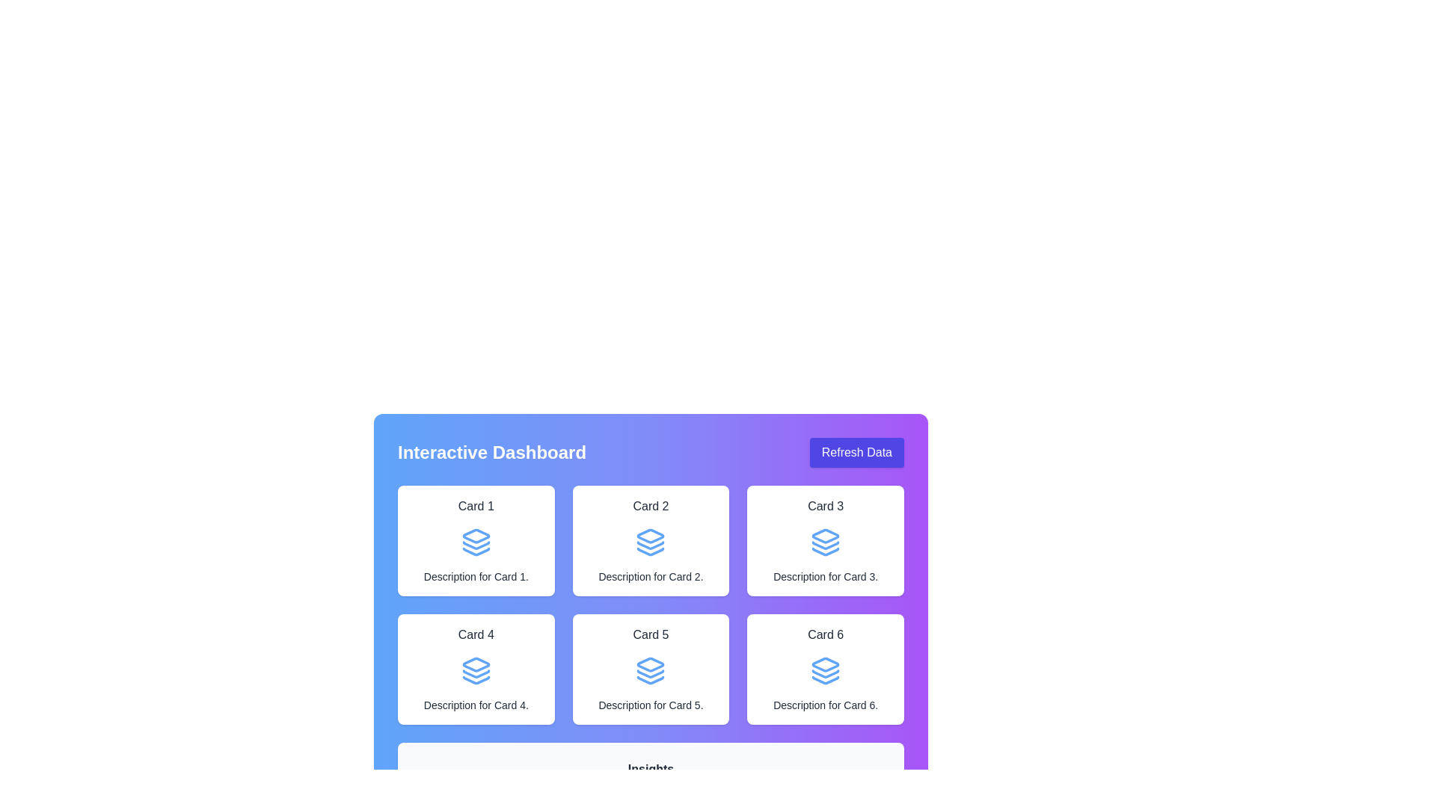  I want to click on the 'Card 3' text label located at the top of the third card in the first row of the grid under 'Interactive Dashboard', so click(825, 506).